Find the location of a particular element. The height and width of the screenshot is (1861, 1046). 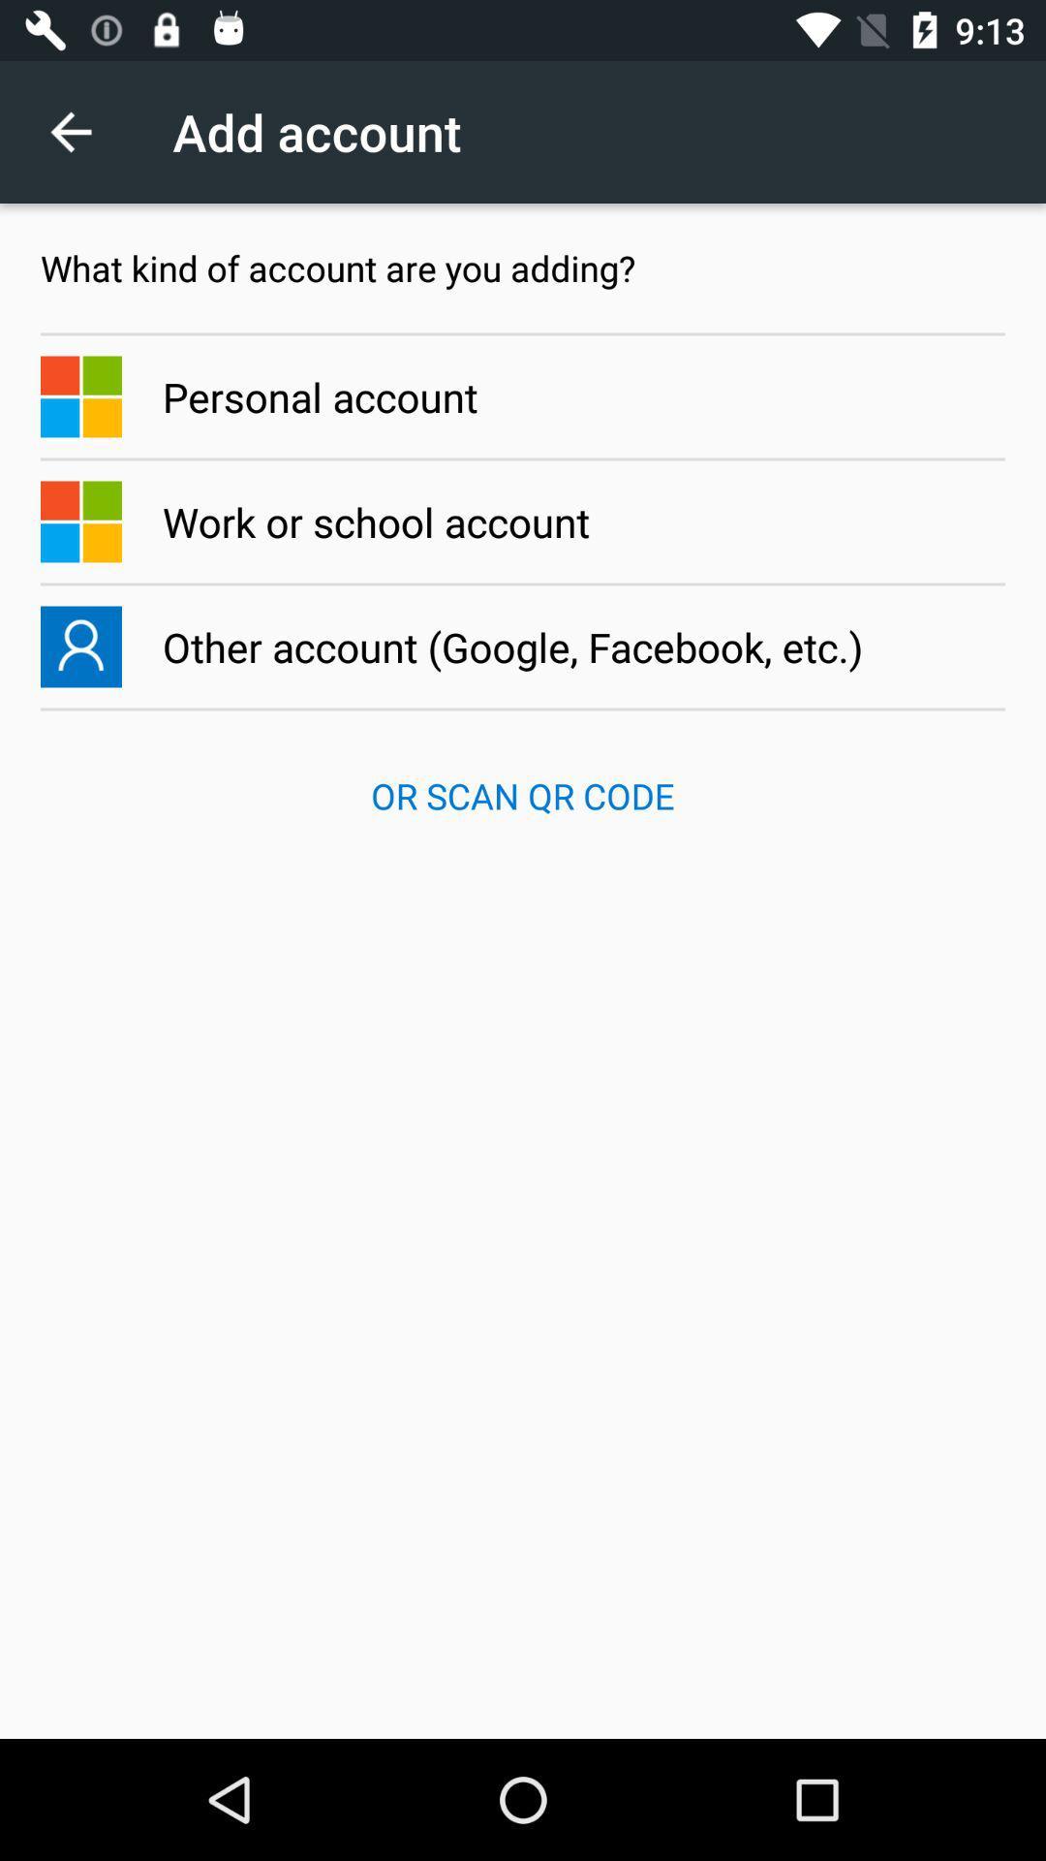

the or scan qr app is located at coordinates (523, 796).